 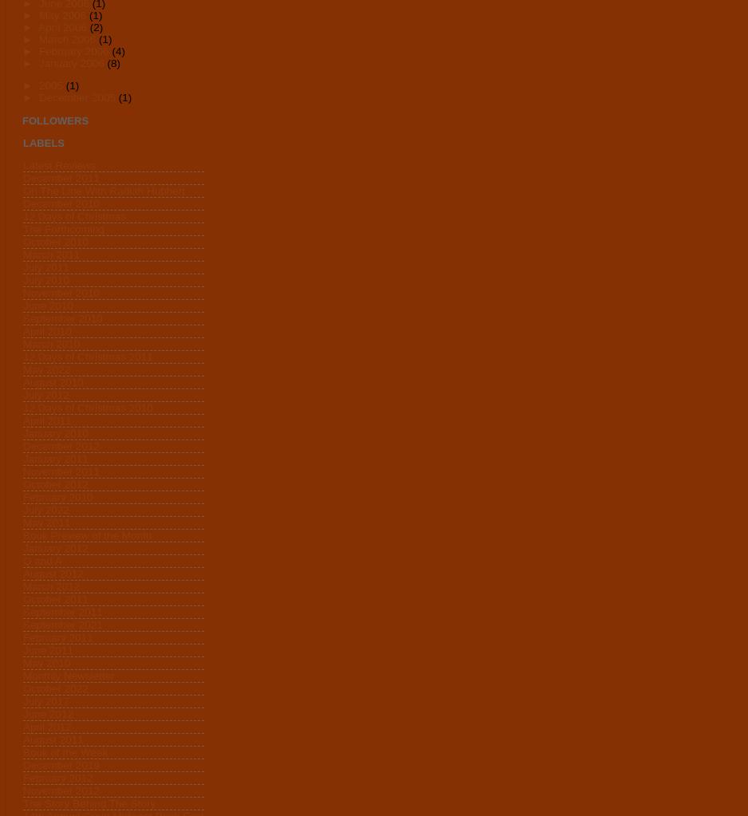 What do you see at coordinates (55, 547) in the screenshot?
I see `'January 2012'` at bounding box center [55, 547].